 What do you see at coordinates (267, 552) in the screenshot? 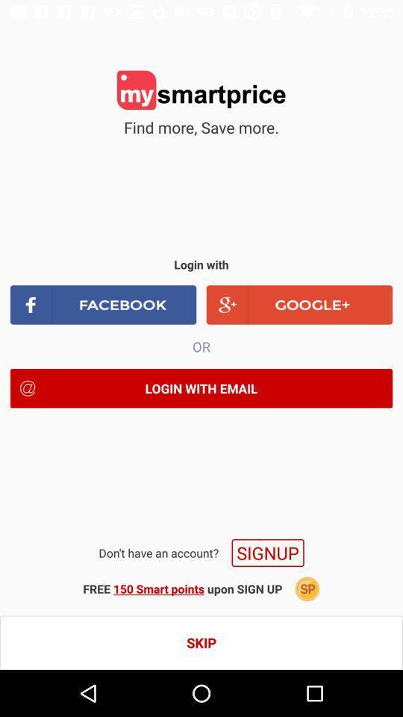
I see `the item next to don t have` at bounding box center [267, 552].